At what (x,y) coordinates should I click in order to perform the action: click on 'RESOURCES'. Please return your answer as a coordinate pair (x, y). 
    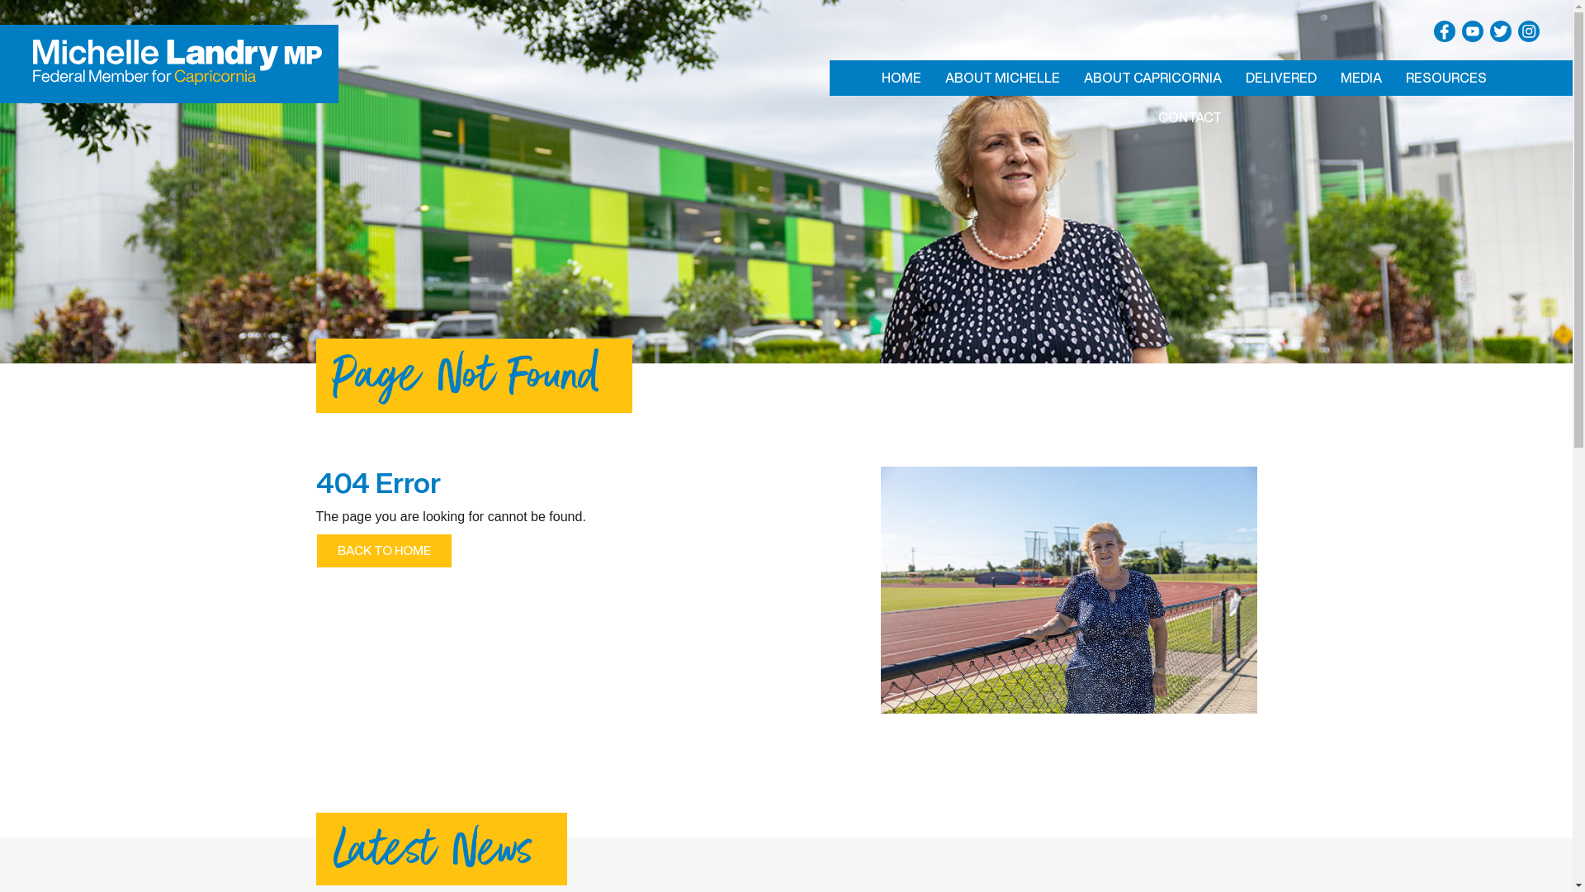
    Looking at the image, I should click on (1445, 78).